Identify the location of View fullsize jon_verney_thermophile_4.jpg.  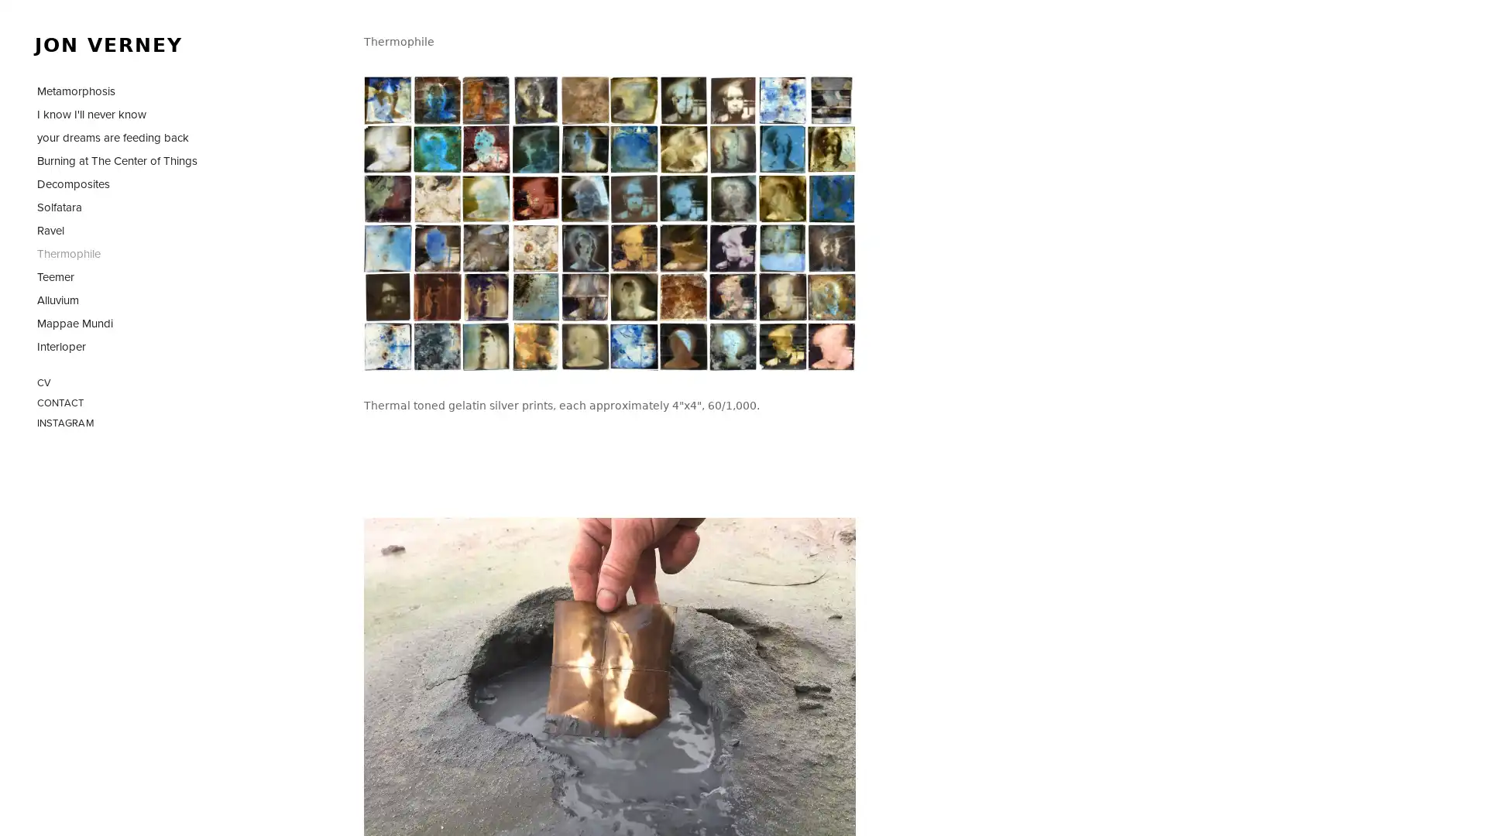
(486, 197).